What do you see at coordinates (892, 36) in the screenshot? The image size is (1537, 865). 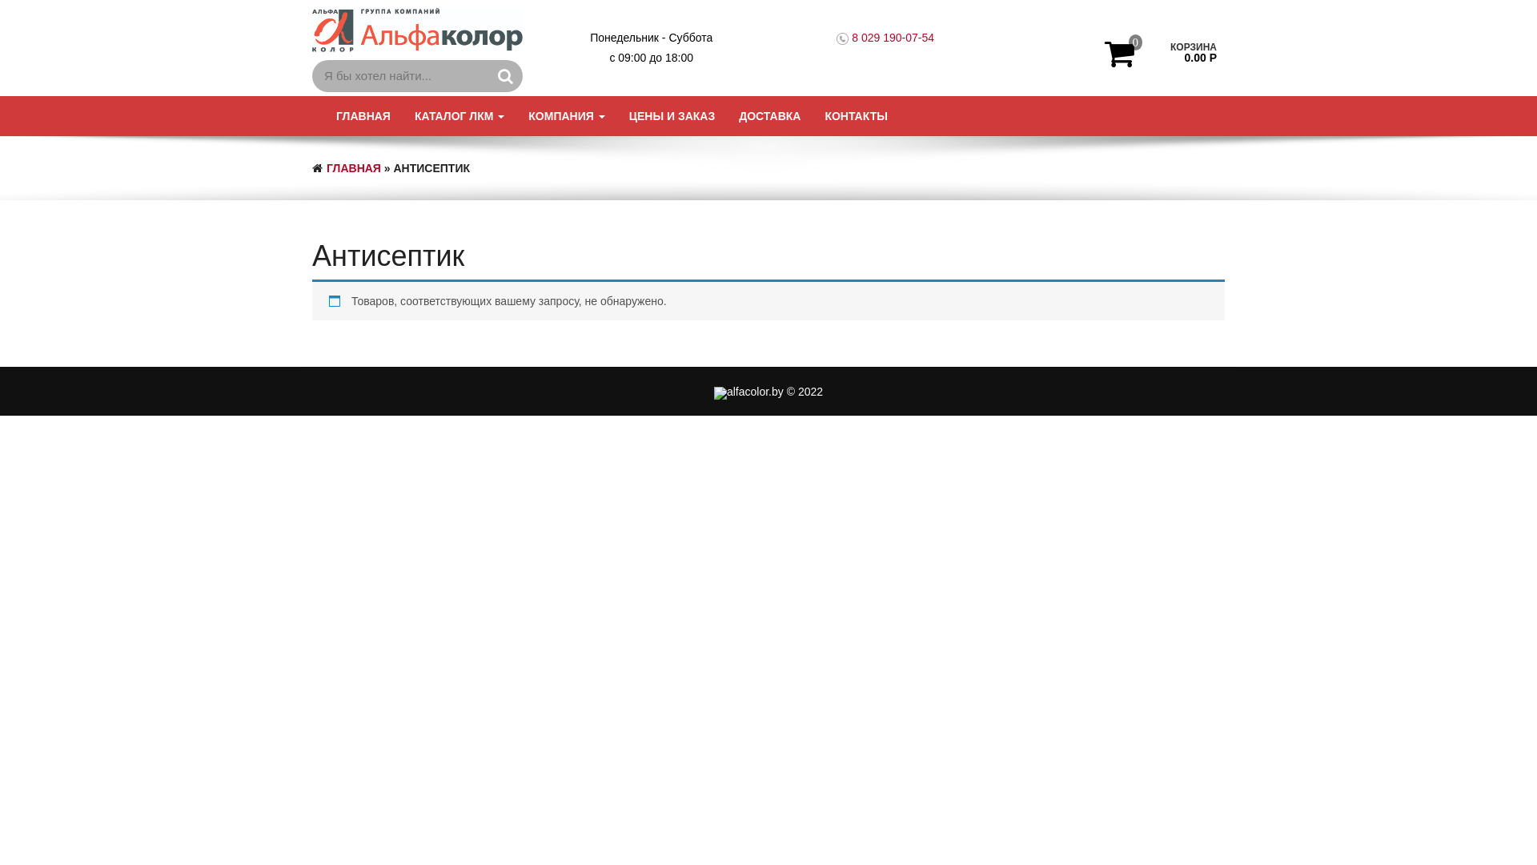 I see `'8 029 190-07-54'` at bounding box center [892, 36].